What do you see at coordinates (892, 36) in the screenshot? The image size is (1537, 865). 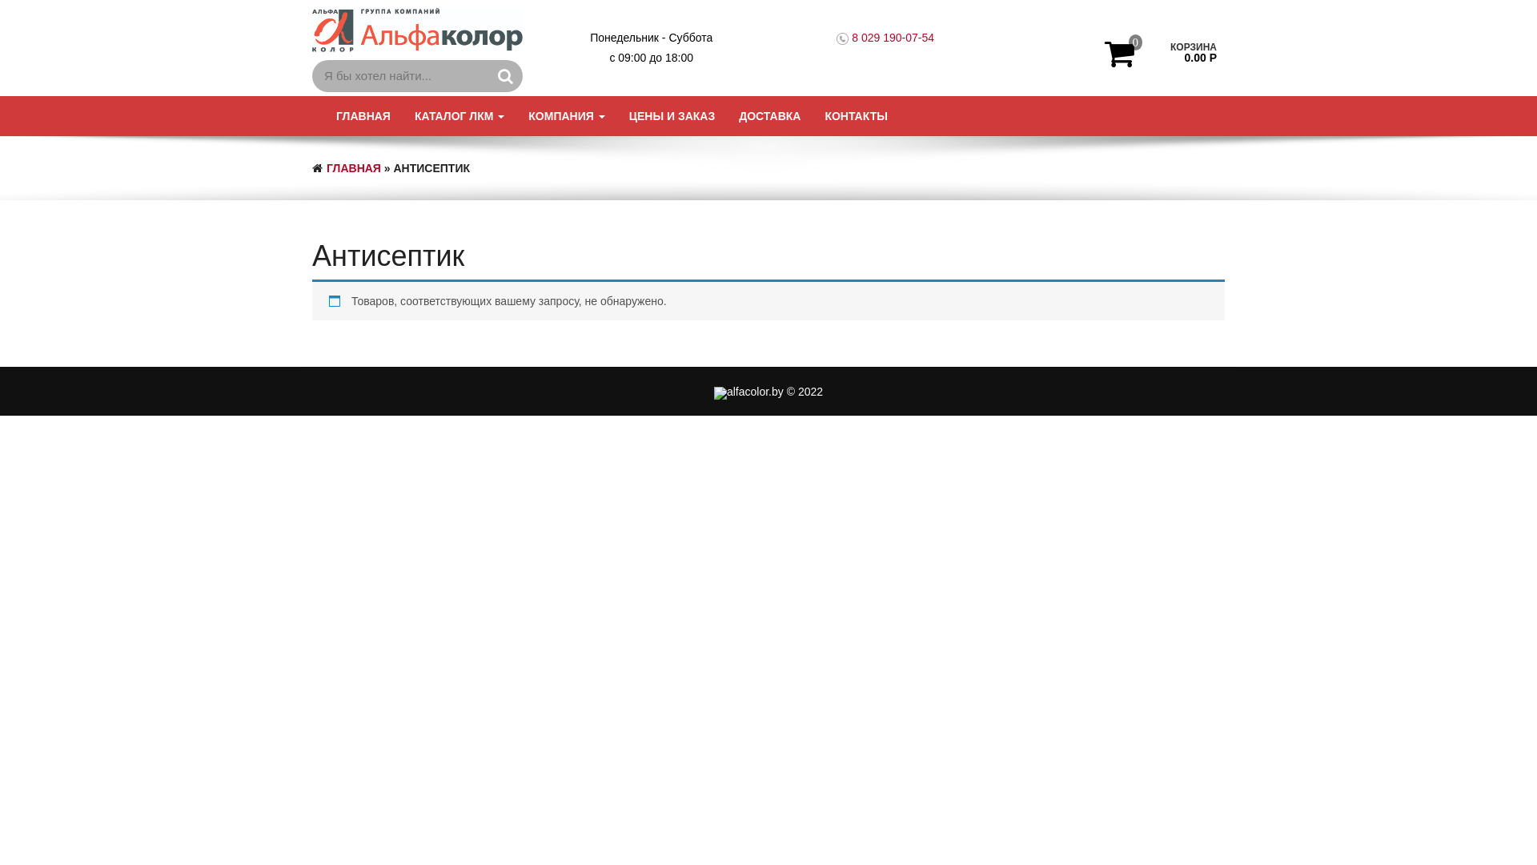 I see `'8 029 190-07-54'` at bounding box center [892, 36].